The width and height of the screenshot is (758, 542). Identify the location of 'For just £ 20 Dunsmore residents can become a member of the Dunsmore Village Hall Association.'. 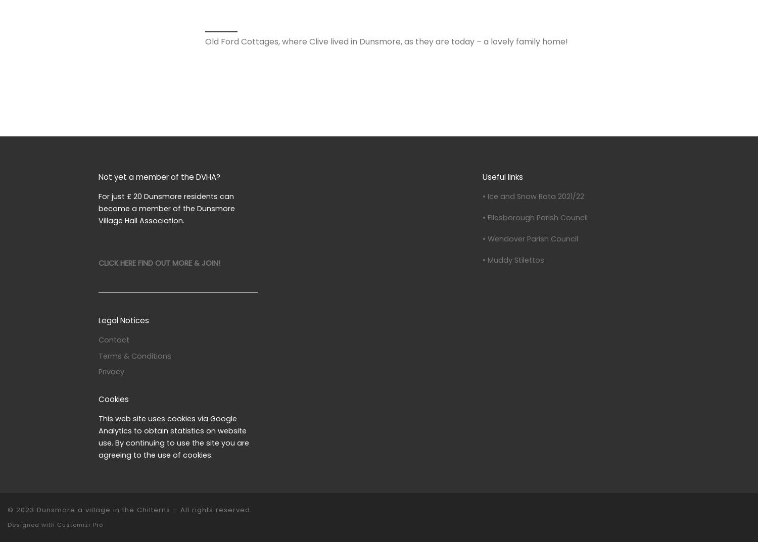
(166, 208).